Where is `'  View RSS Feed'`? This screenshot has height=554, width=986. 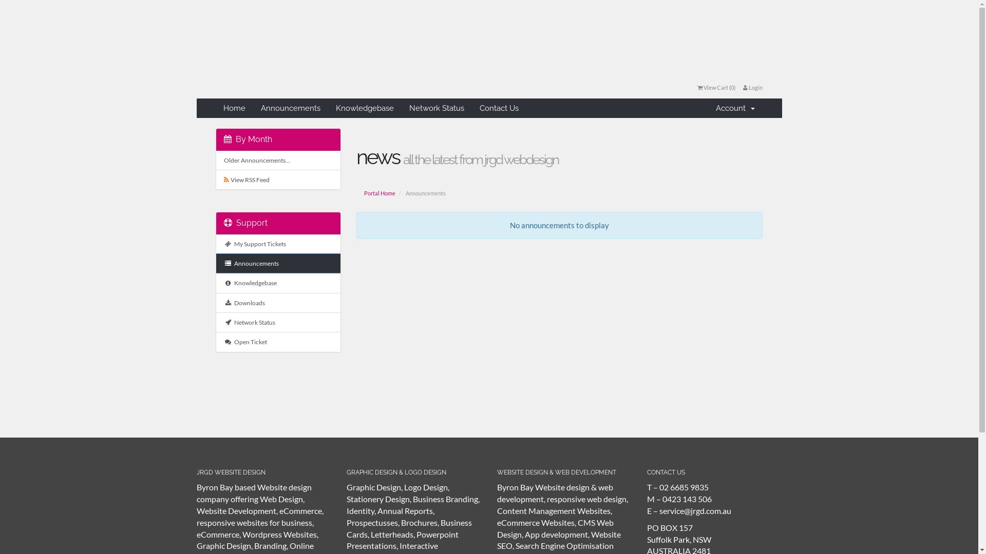
'  View RSS Feed' is located at coordinates (278, 179).